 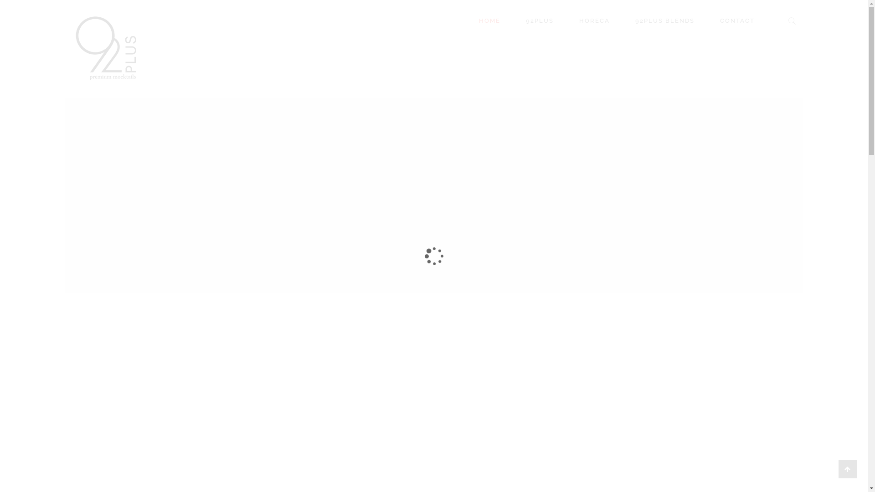 What do you see at coordinates (743, 20) in the screenshot?
I see `'CONTACT'` at bounding box center [743, 20].